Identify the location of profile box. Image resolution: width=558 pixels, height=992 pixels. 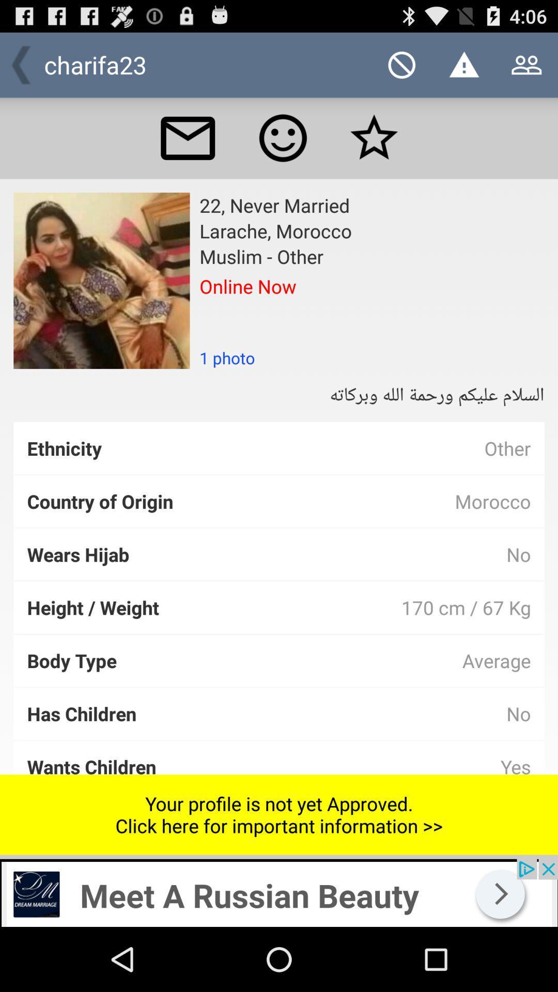
(101, 281).